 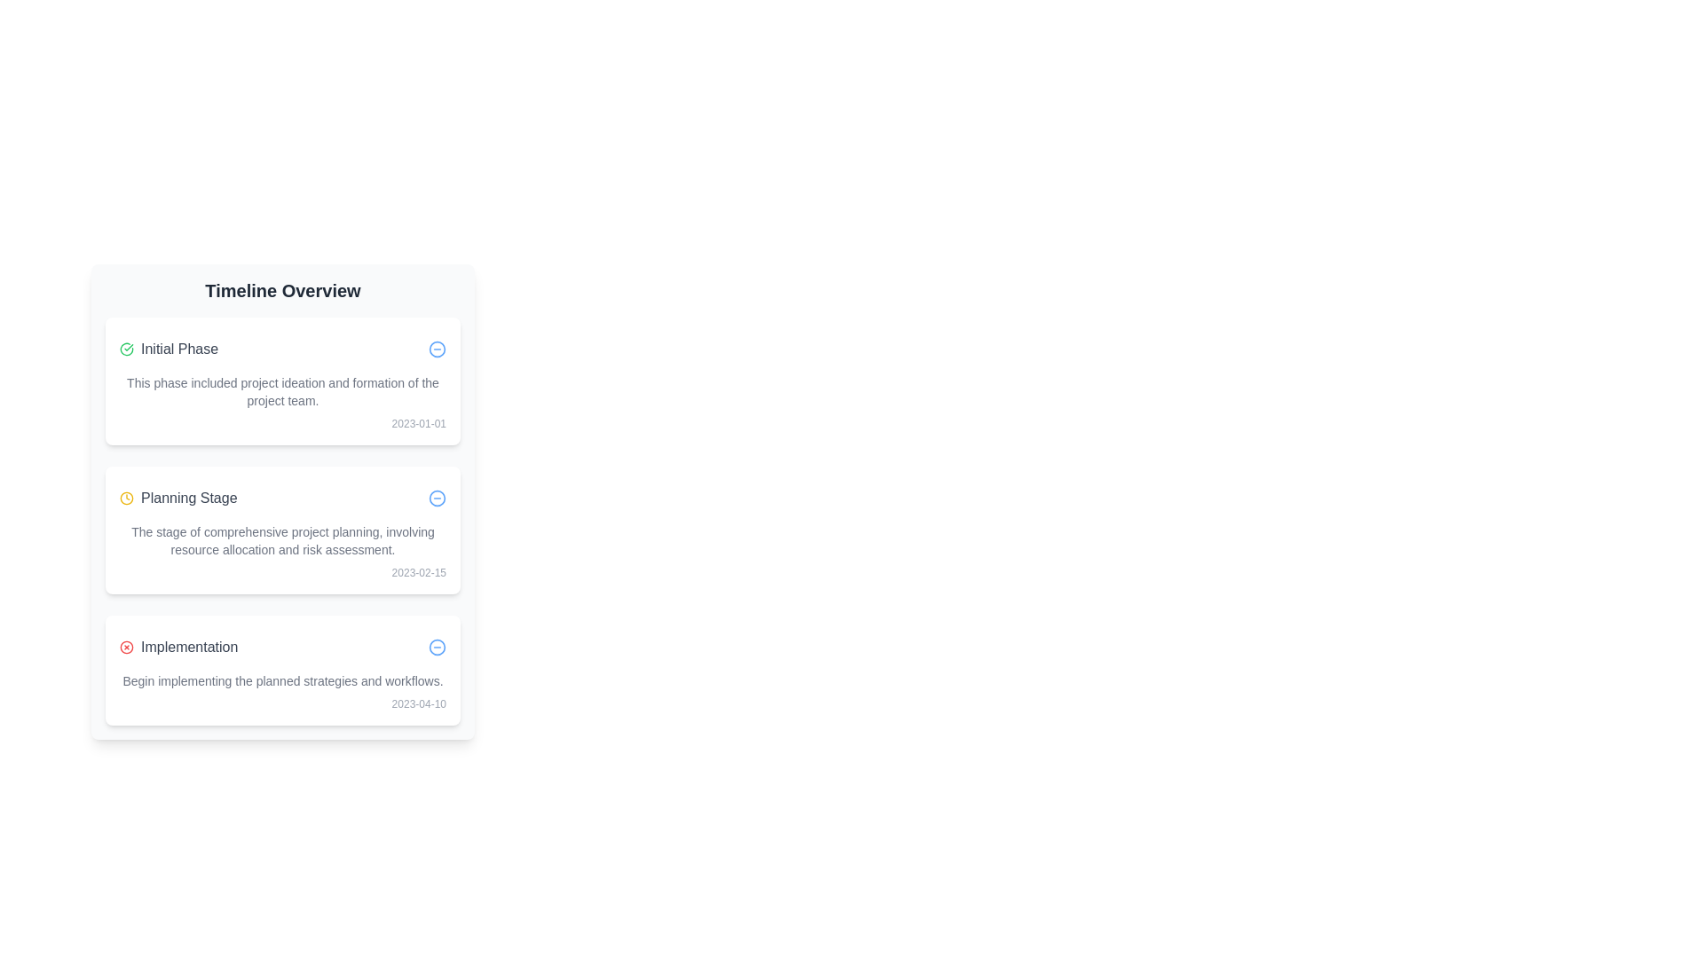 What do you see at coordinates (281, 391) in the screenshot?
I see `the text description that provides additional information about the project phase, which reads: 'This phase included project ideation and formation of the project team.'` at bounding box center [281, 391].